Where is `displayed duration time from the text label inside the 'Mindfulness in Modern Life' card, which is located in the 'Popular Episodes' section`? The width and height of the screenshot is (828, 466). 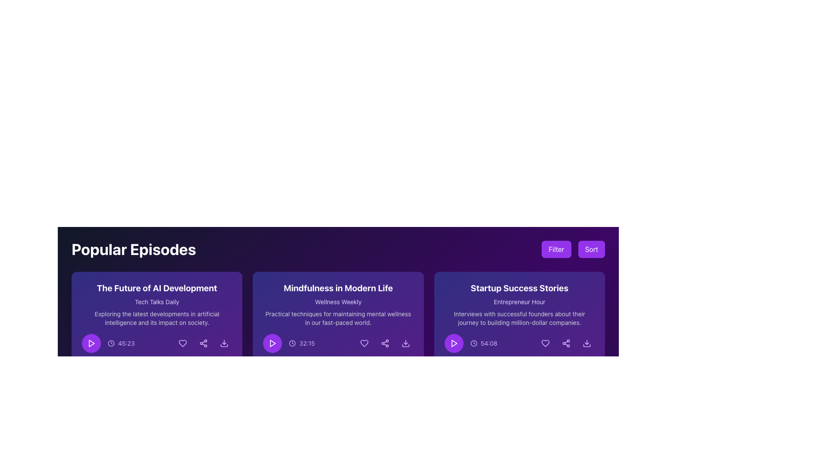 displayed duration time from the text label inside the 'Mindfulness in Modern Life' card, which is located in the 'Popular Episodes' section is located at coordinates (307, 343).